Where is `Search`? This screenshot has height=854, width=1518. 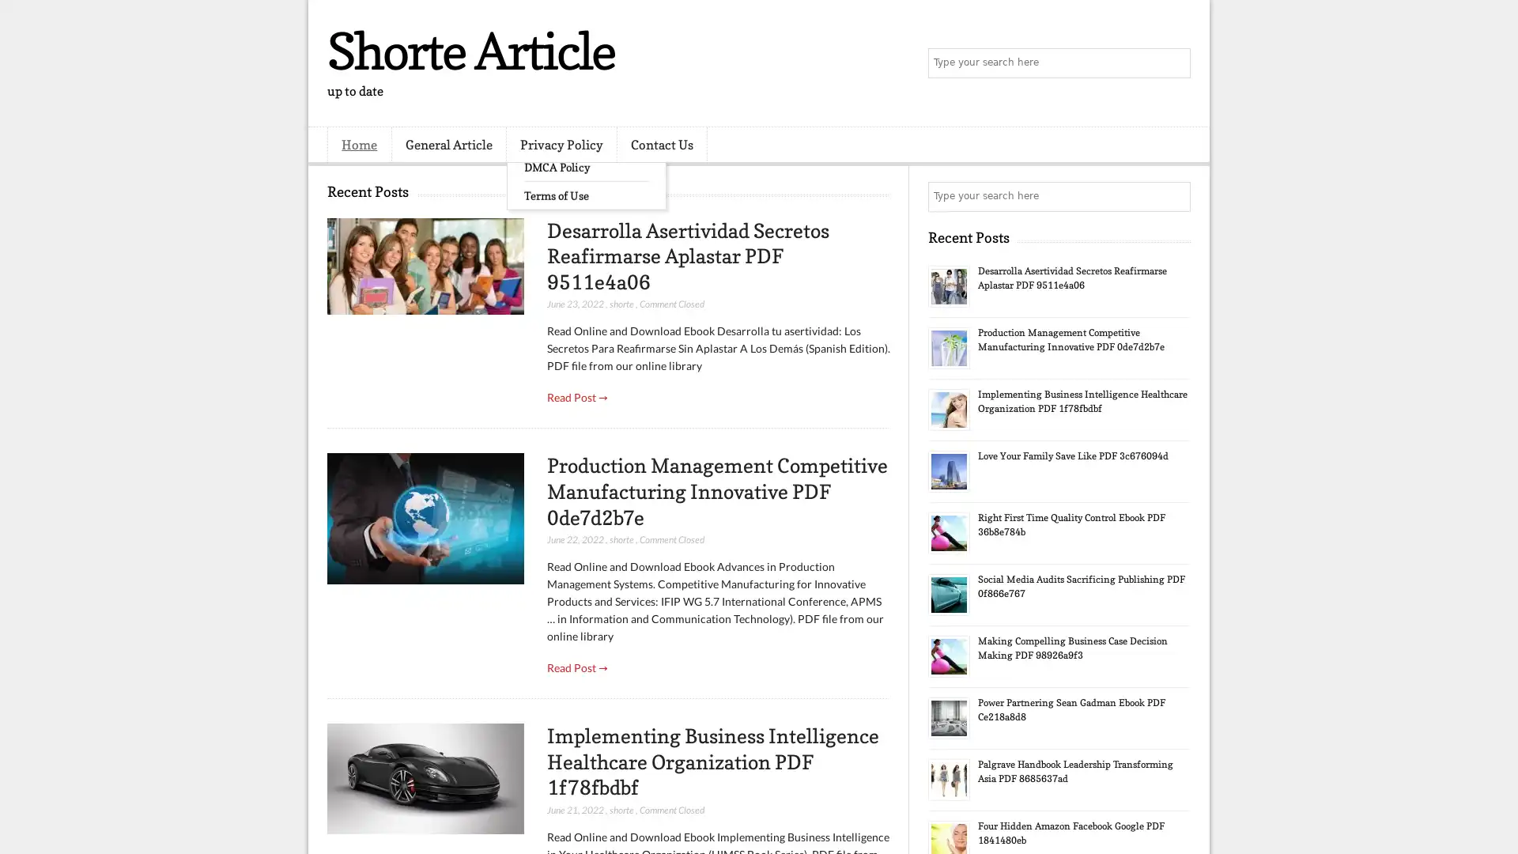 Search is located at coordinates (1174, 63).